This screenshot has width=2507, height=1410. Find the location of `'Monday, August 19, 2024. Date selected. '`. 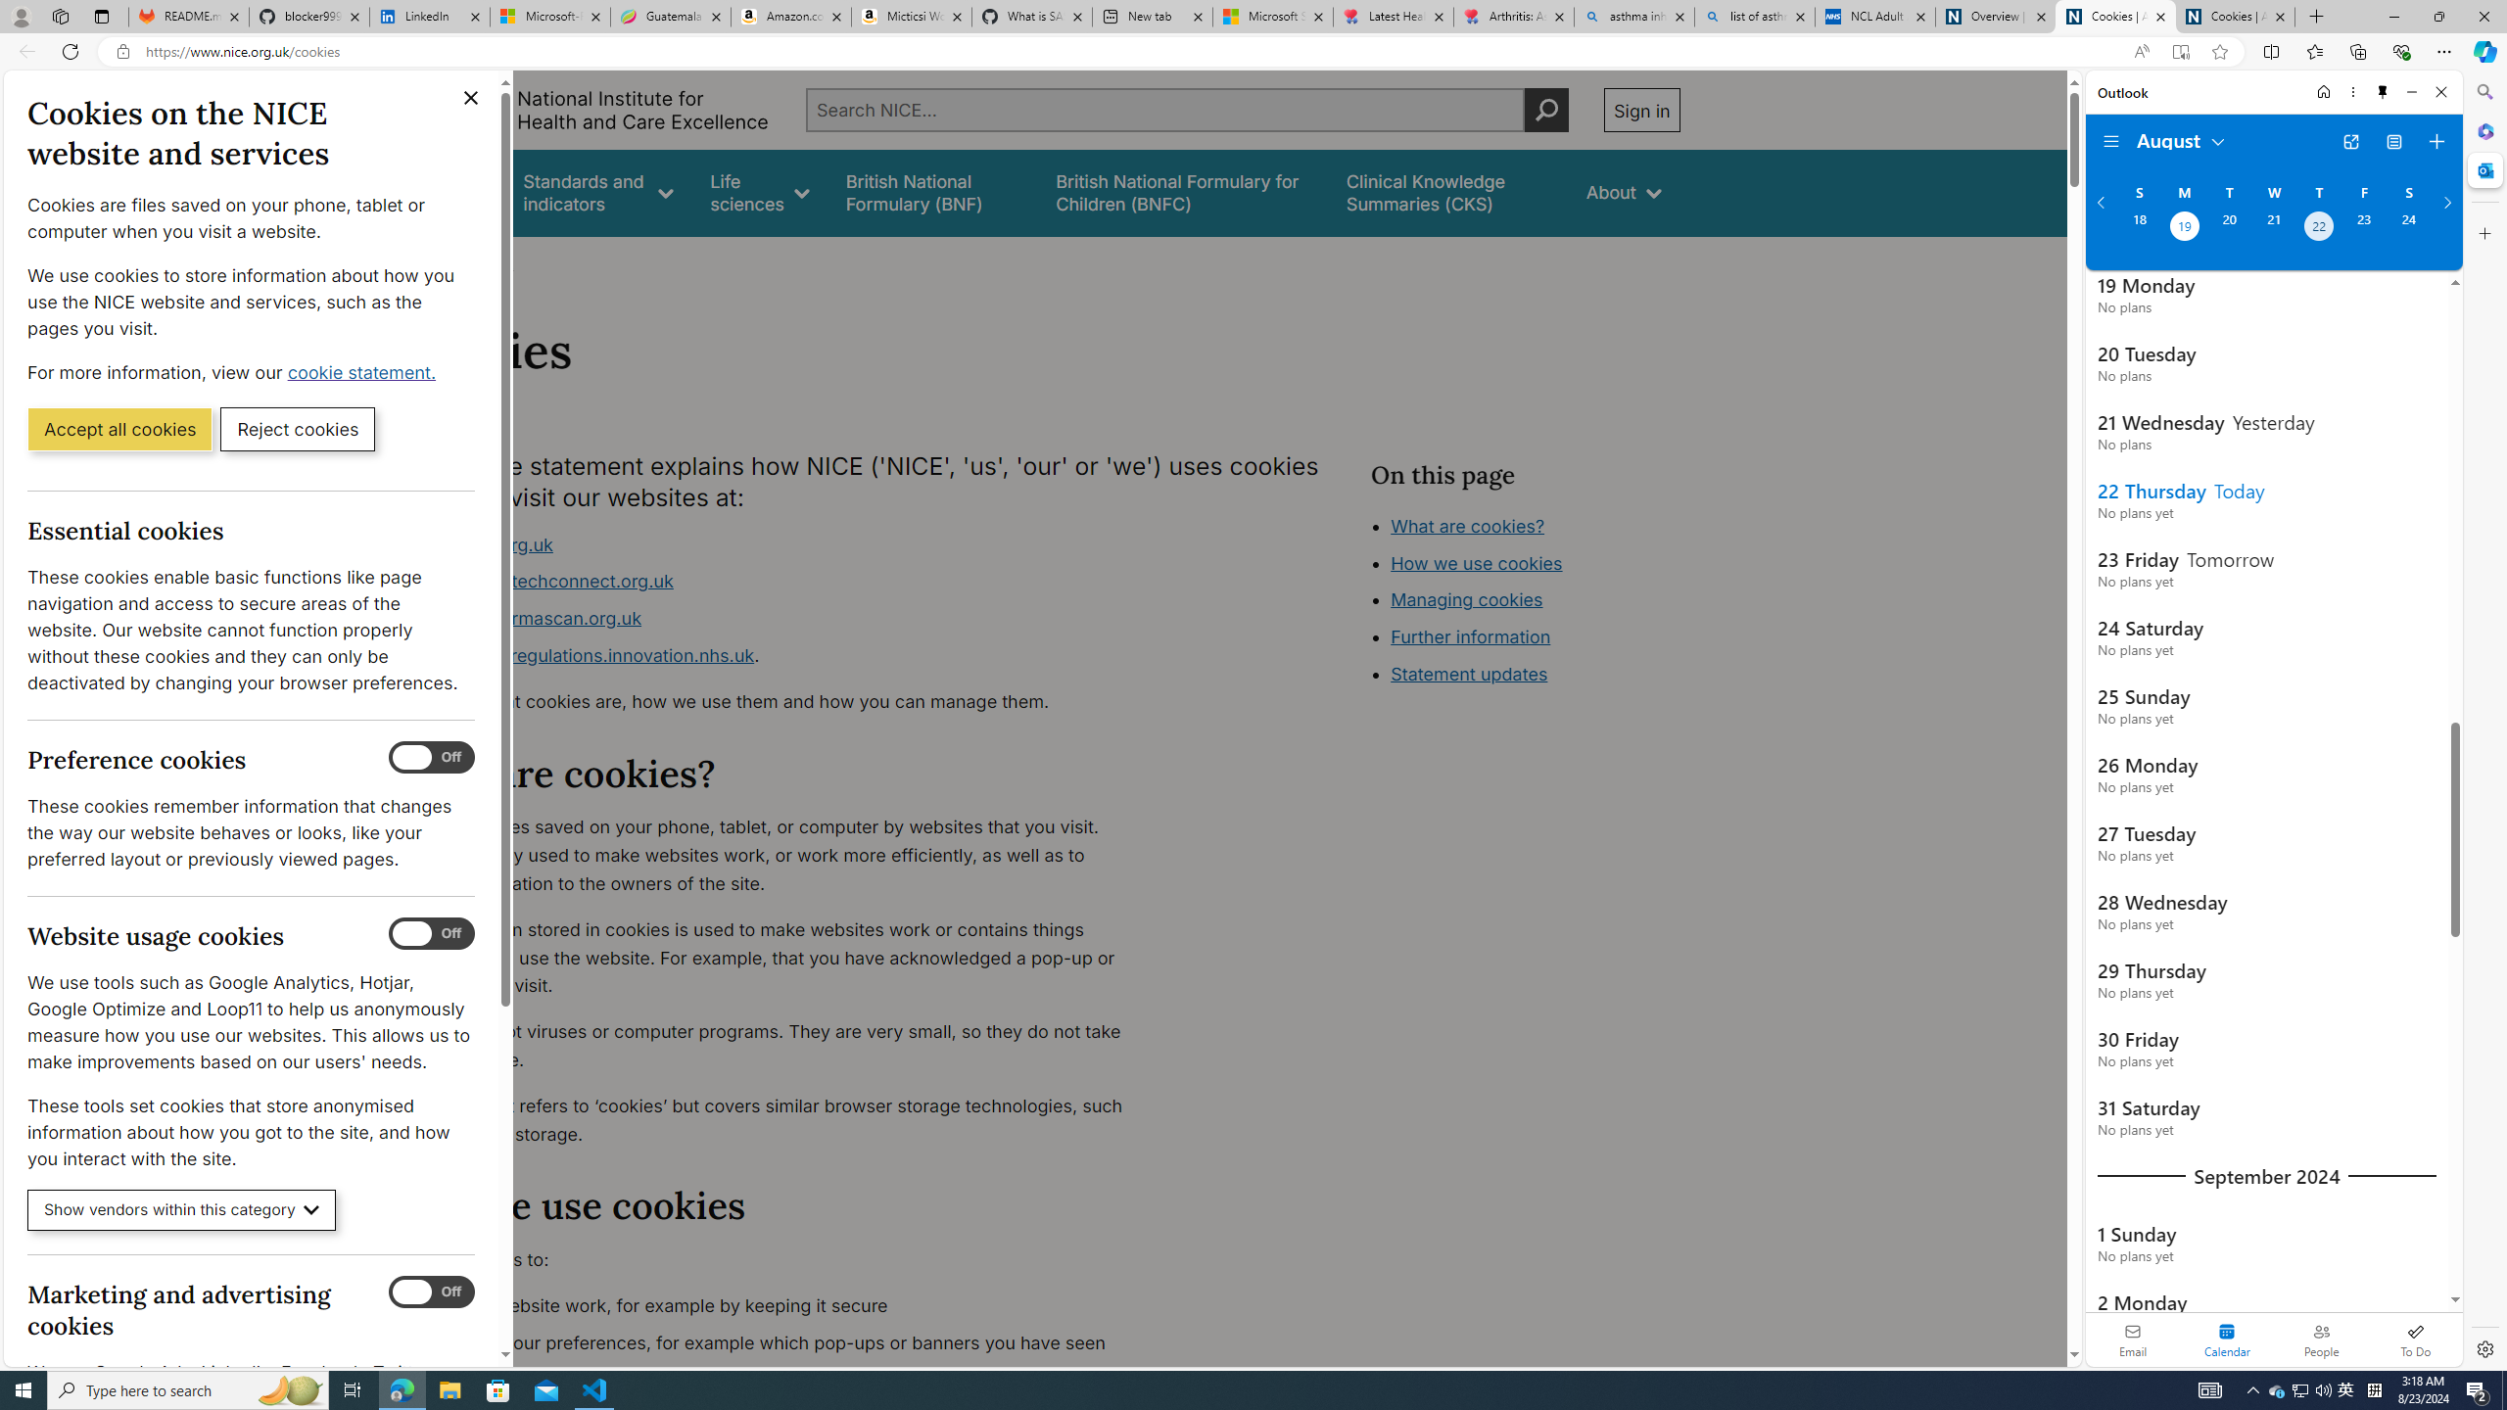

'Monday, August 19, 2024. Date selected. ' is located at coordinates (2183, 228).